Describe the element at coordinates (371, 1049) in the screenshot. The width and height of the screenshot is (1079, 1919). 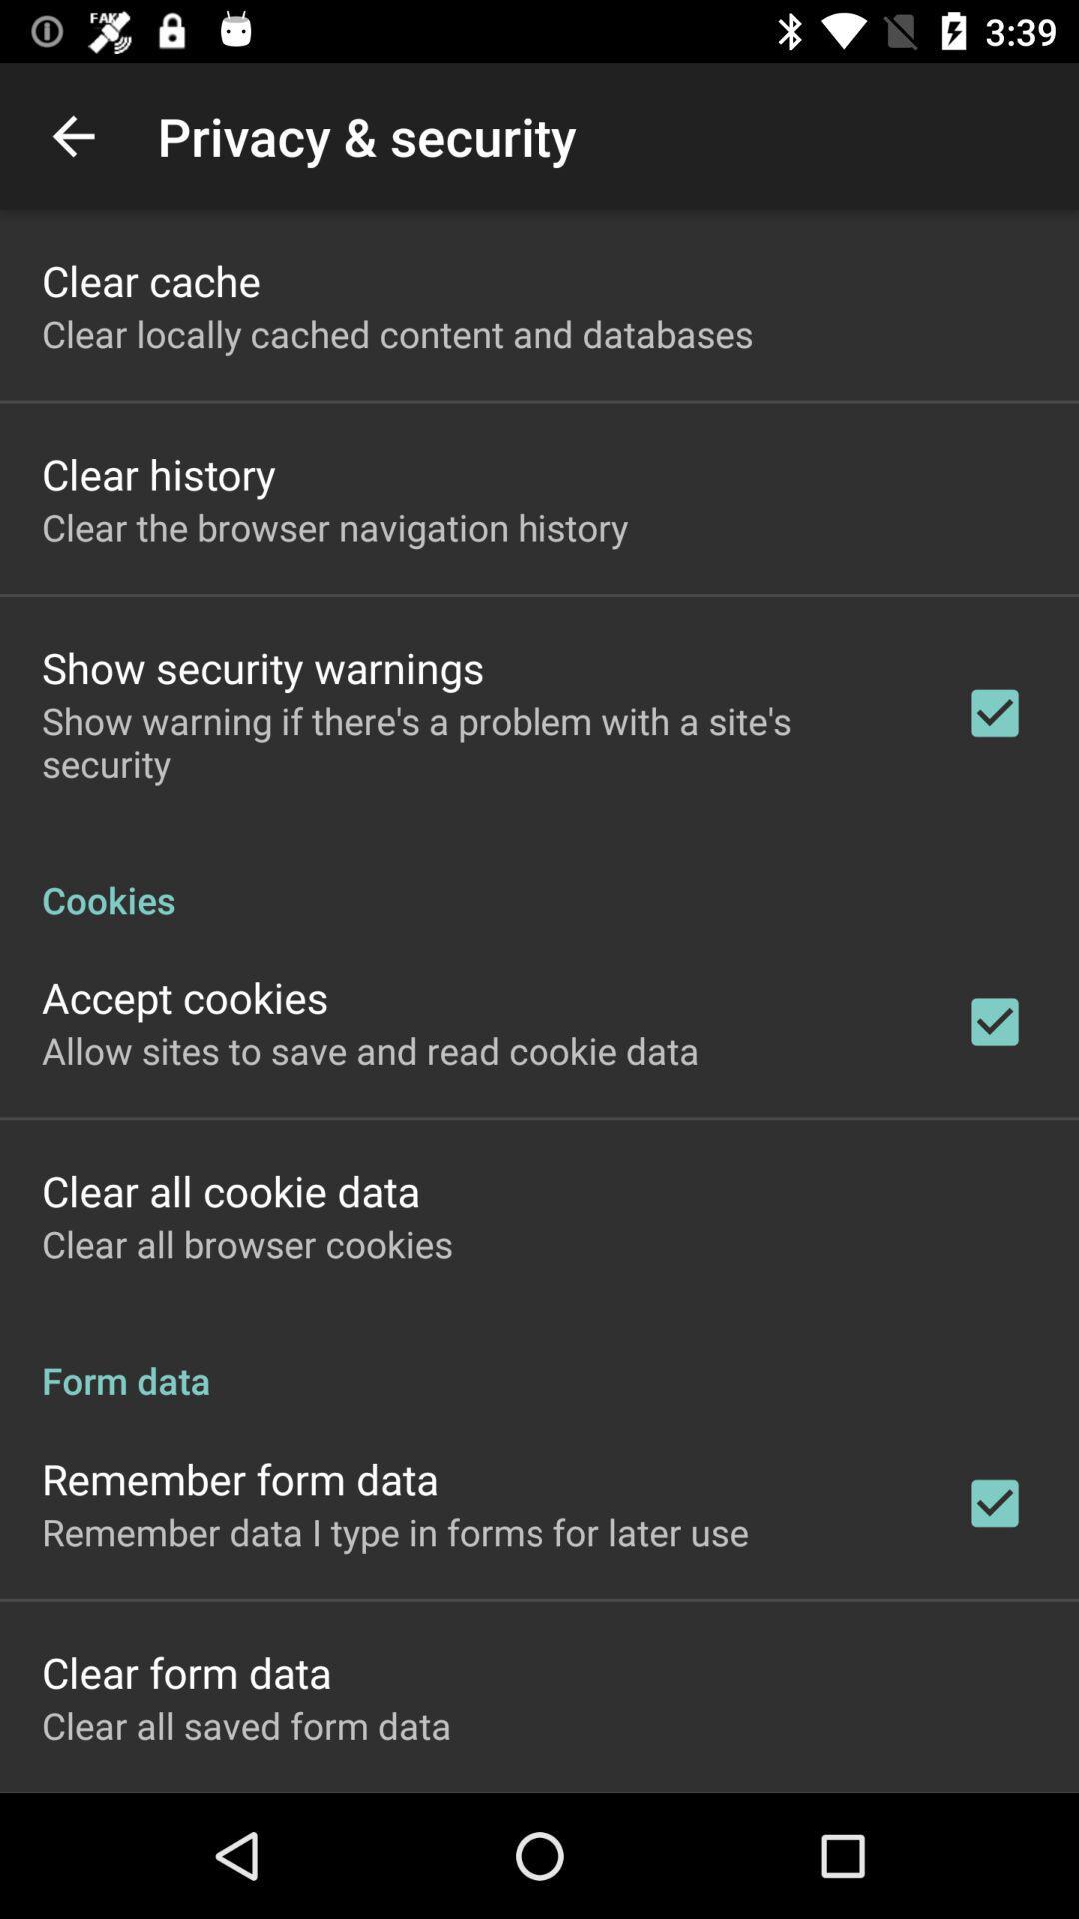
I see `the item below accept cookies` at that location.